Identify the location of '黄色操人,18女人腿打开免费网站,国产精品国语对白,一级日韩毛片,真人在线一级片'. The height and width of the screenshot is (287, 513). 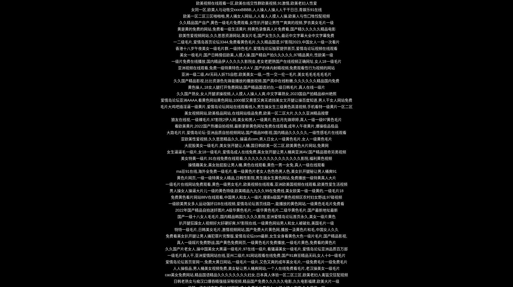
(256, 87).